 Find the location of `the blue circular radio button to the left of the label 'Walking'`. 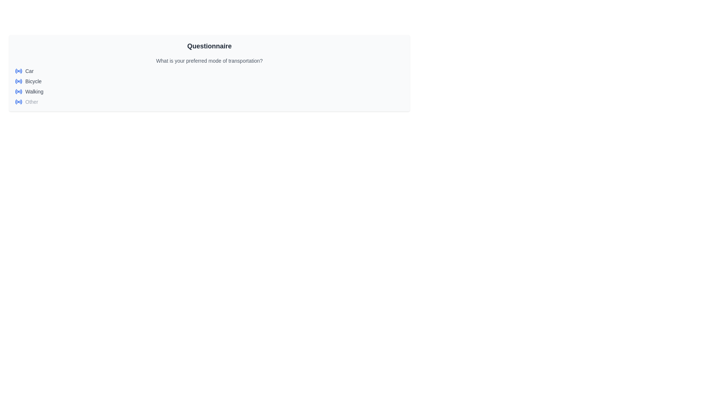

the blue circular radio button to the left of the label 'Walking' is located at coordinates (19, 91).